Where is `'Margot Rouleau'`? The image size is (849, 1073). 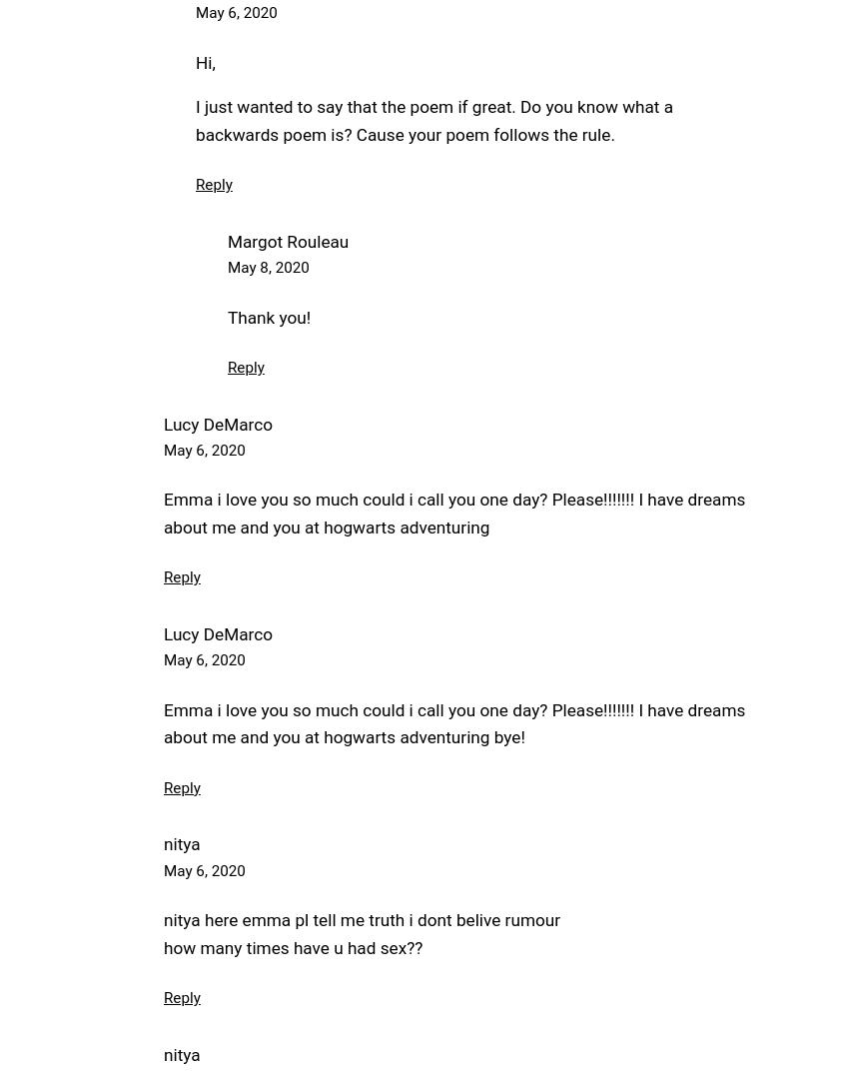
'Margot Rouleau' is located at coordinates (287, 240).